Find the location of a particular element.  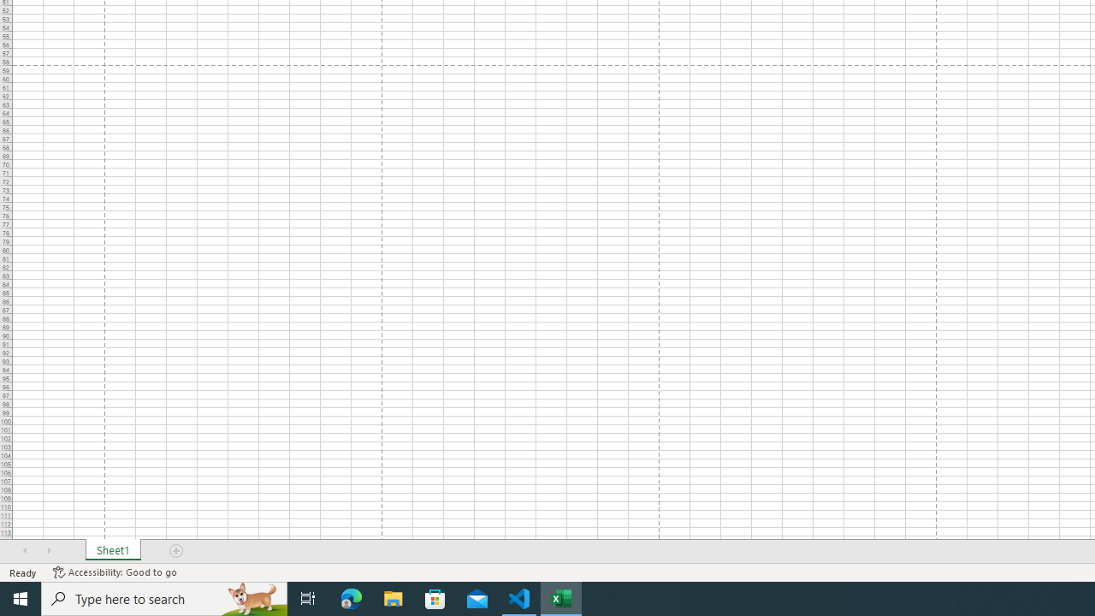

'Add Sheet' is located at coordinates (177, 551).